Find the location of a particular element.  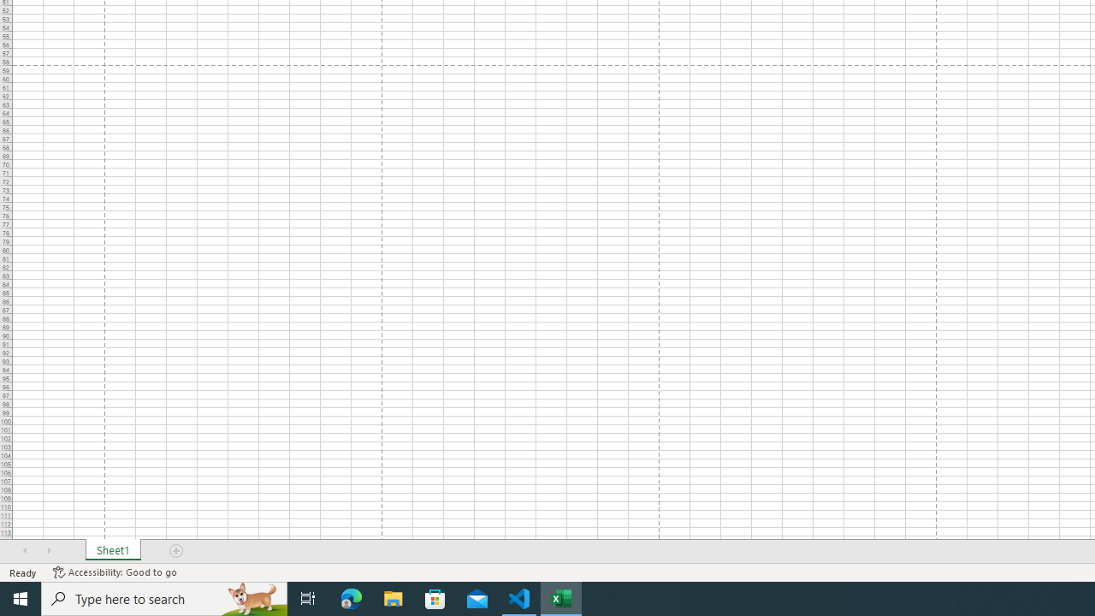

'Add Sheet' is located at coordinates (177, 551).